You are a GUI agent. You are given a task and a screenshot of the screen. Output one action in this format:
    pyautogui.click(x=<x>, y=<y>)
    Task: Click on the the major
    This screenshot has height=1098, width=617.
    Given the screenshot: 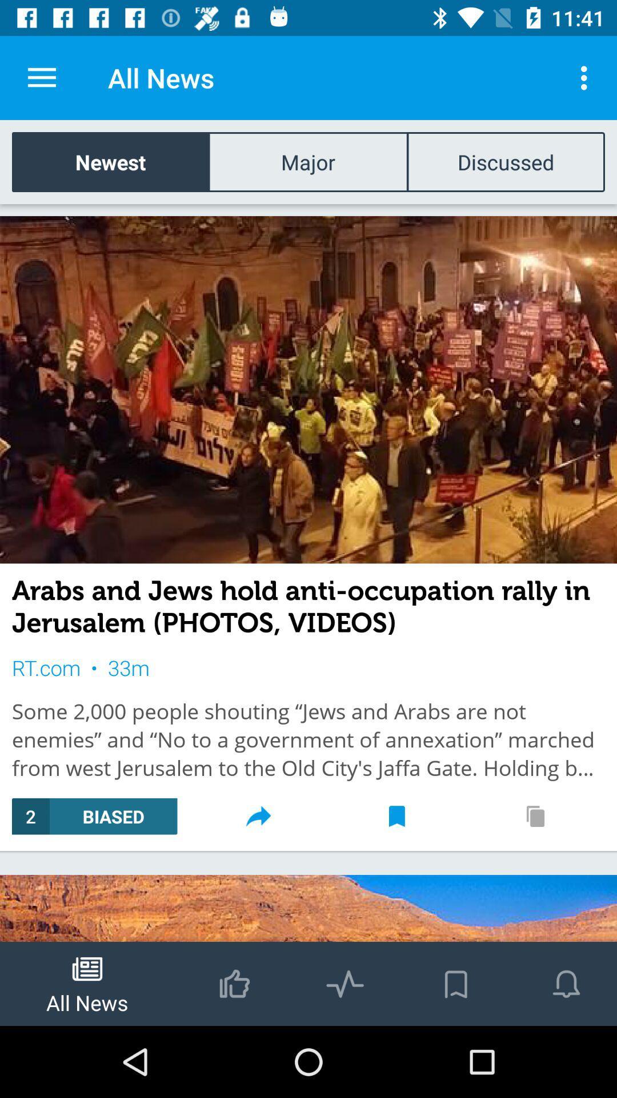 What is the action you would take?
    pyautogui.click(x=307, y=161)
    